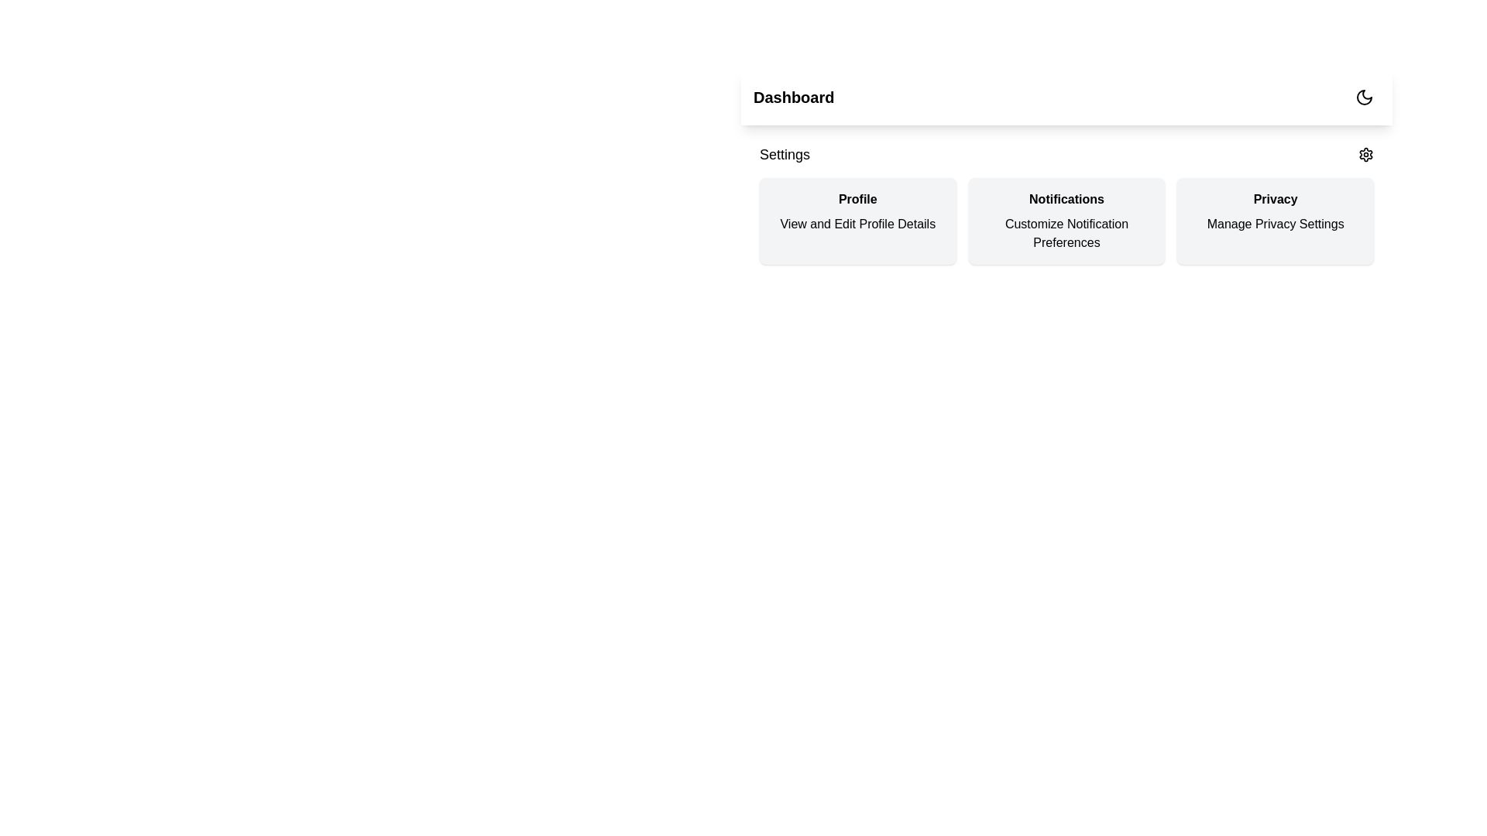 The image size is (1487, 836). Describe the element at coordinates (794, 98) in the screenshot. I see `the 'Dashboard' textual header element, which is prominently styled in bold and extra-large font at the upper-left section of the interface` at that location.